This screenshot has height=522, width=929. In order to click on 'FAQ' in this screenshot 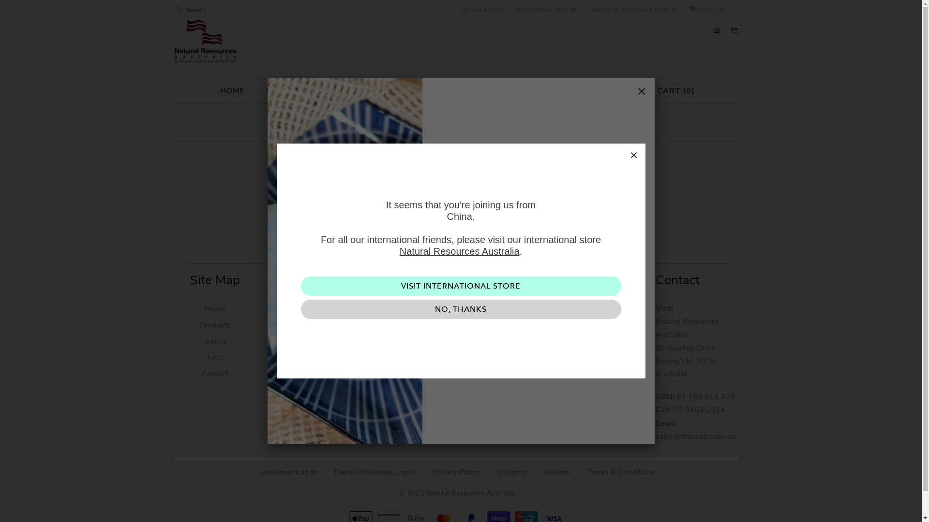, I will do `click(215, 358)`.